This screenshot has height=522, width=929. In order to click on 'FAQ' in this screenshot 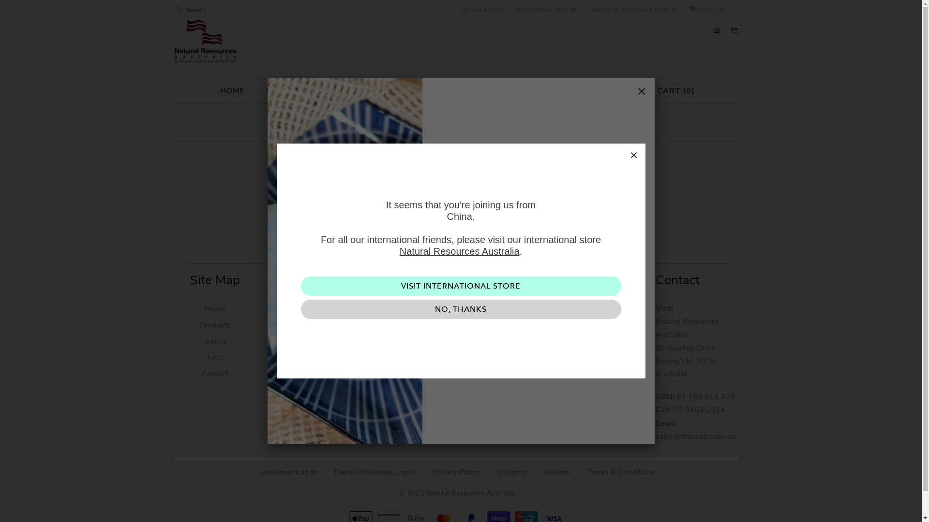, I will do `click(215, 358)`.